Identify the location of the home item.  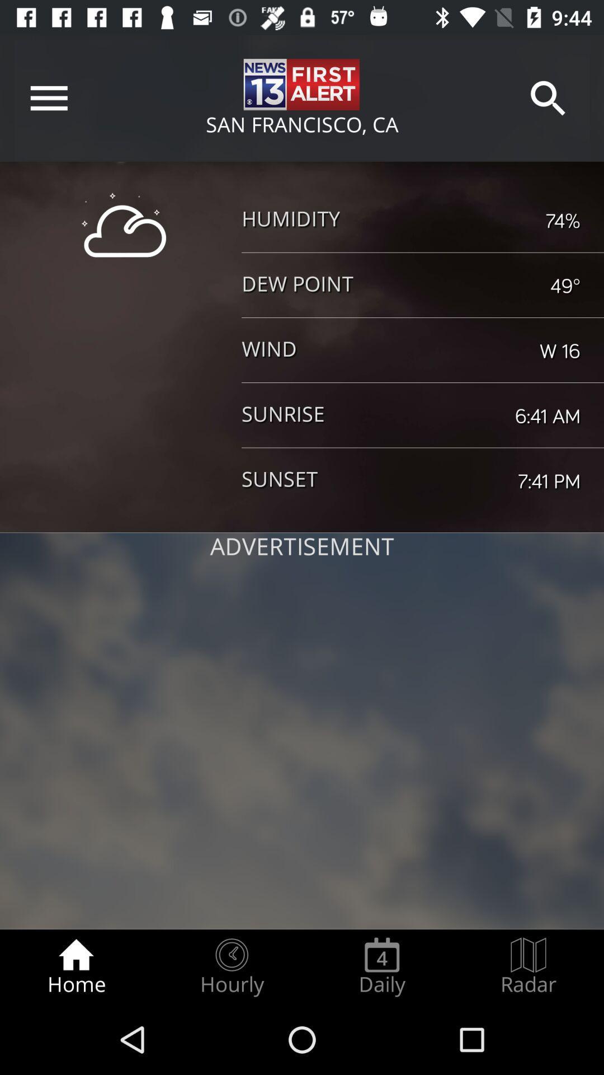
(75, 966).